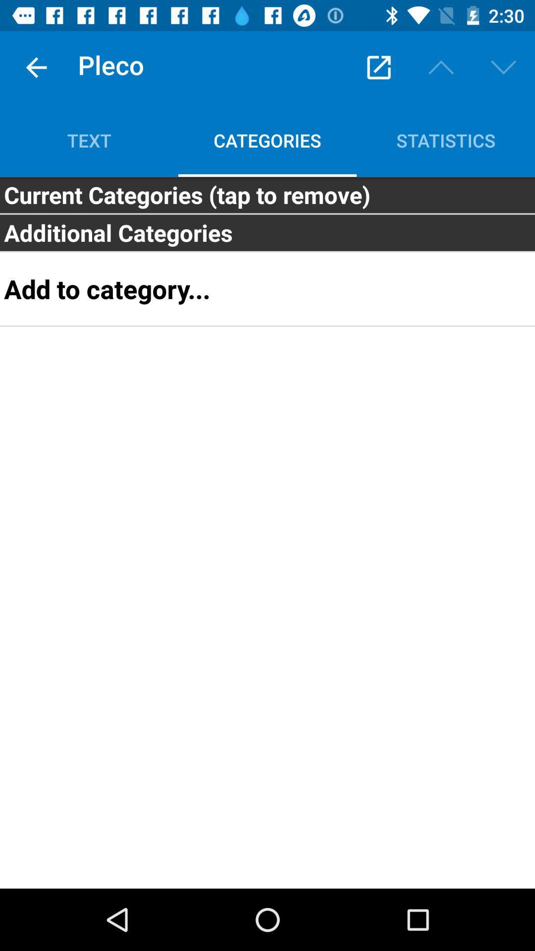  Describe the element at coordinates (89, 140) in the screenshot. I see `item next to categories icon` at that location.